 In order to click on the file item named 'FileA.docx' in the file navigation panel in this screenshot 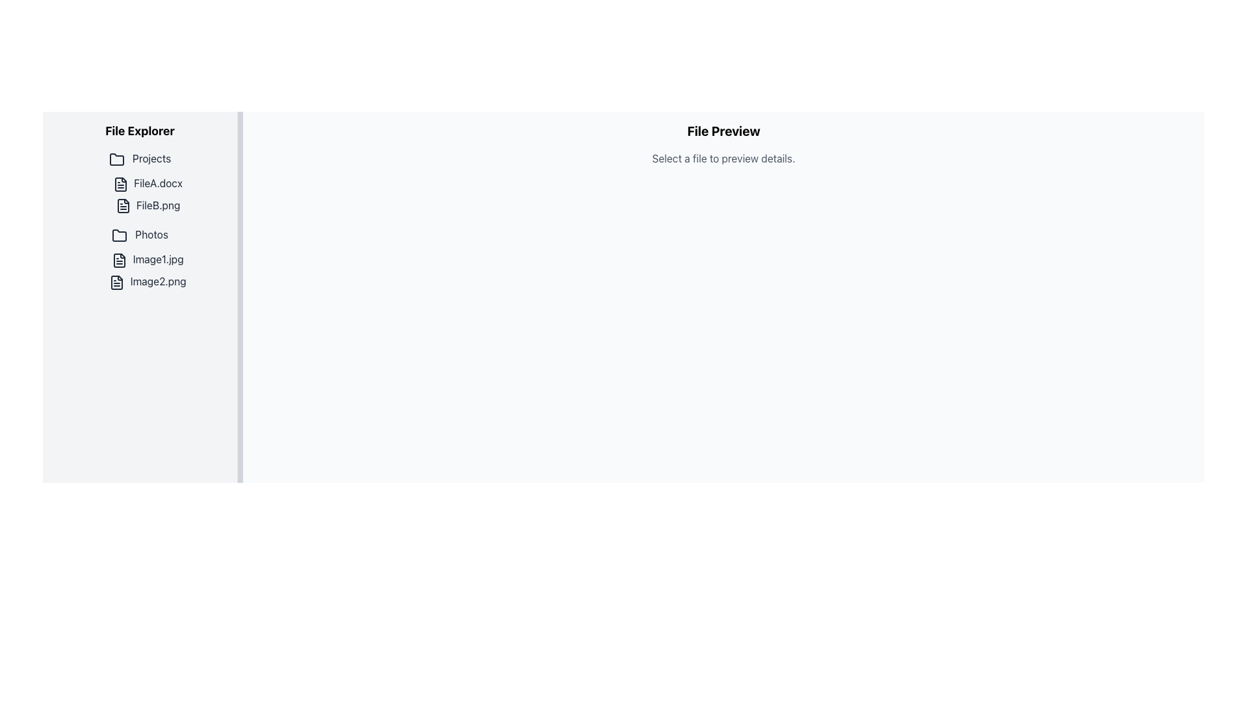, I will do `click(148, 183)`.